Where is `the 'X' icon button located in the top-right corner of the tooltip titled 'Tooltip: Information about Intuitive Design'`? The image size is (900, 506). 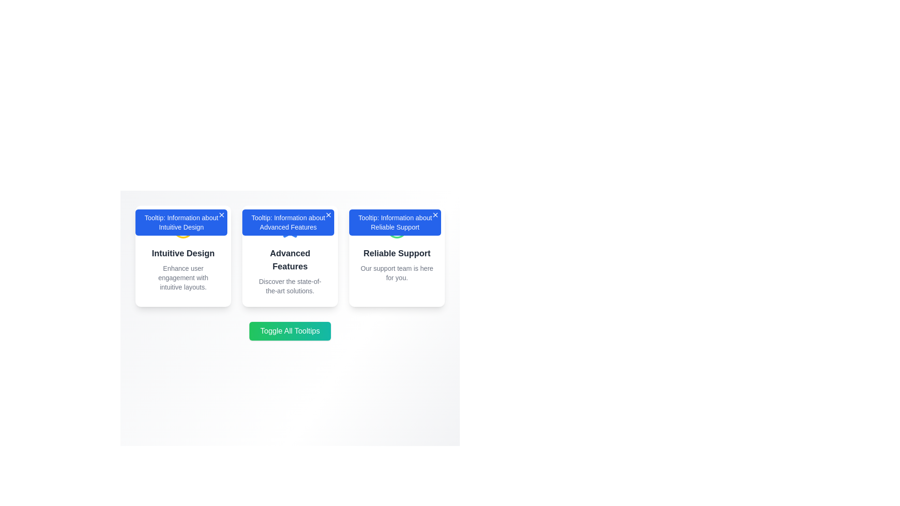 the 'X' icon button located in the top-right corner of the tooltip titled 'Tooltip: Information about Intuitive Design' is located at coordinates (221, 215).